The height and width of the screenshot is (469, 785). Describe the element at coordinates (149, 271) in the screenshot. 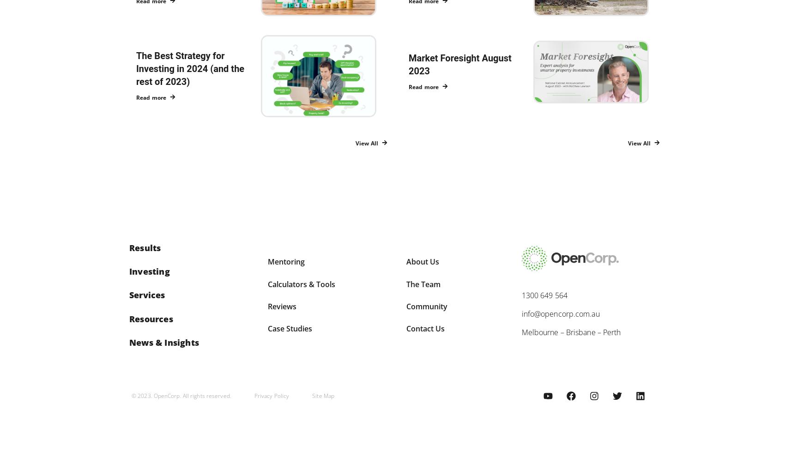

I see `'Investing'` at that location.